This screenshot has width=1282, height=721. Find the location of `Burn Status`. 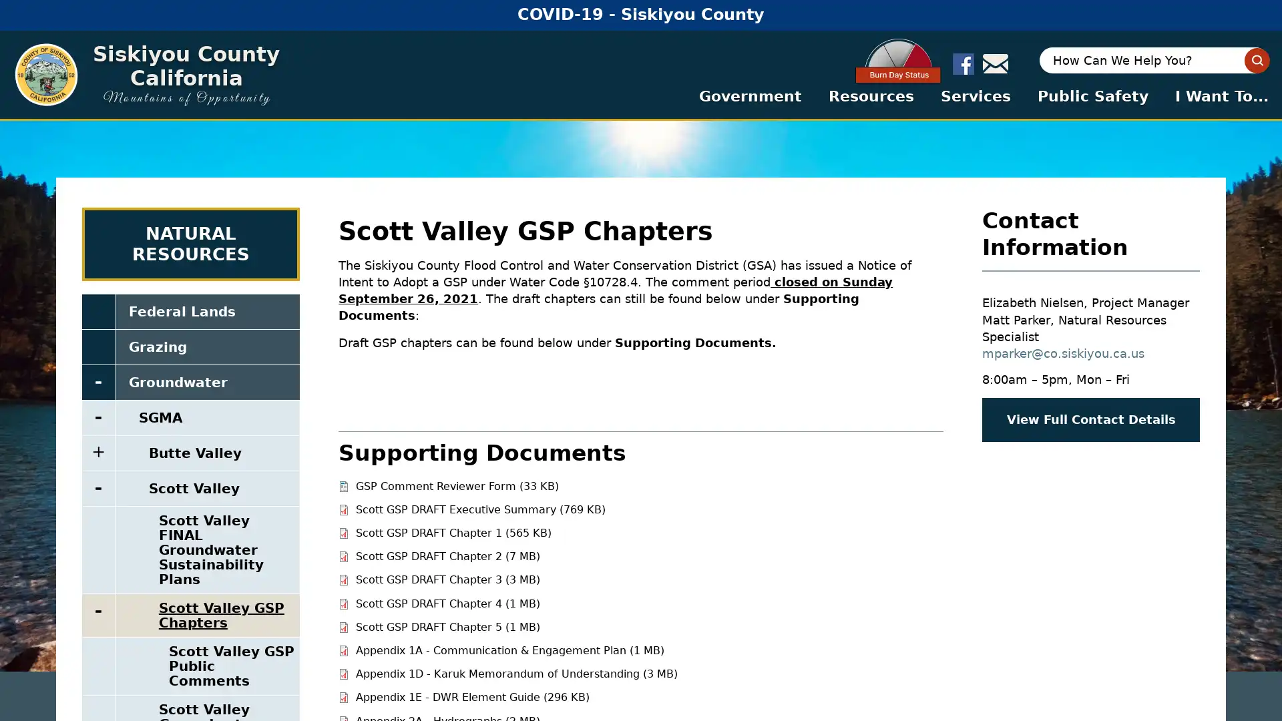

Burn Status is located at coordinates (907, 61).